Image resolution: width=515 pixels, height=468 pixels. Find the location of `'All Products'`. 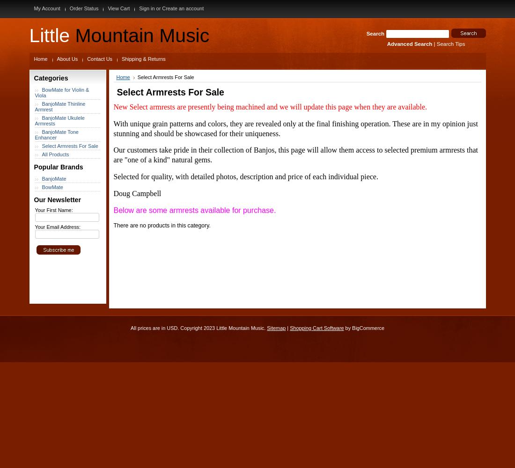

'All Products' is located at coordinates (55, 154).